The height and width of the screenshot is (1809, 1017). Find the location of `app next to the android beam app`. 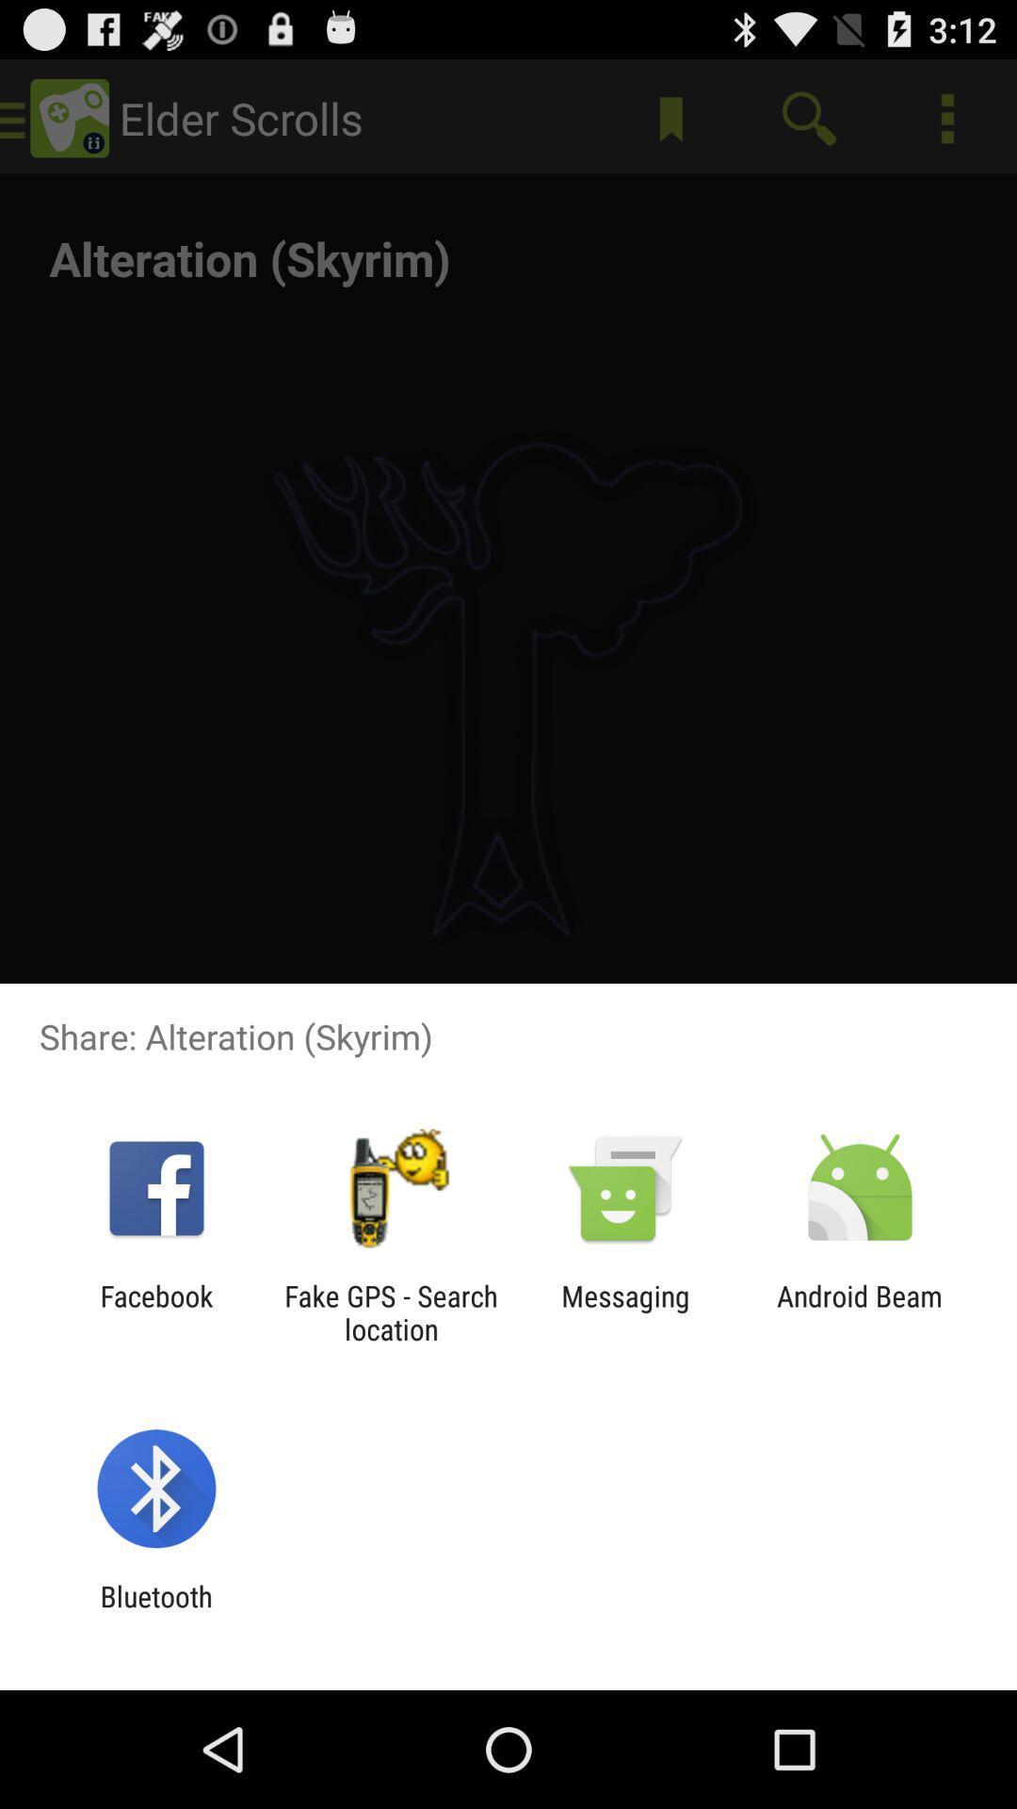

app next to the android beam app is located at coordinates (625, 1312).